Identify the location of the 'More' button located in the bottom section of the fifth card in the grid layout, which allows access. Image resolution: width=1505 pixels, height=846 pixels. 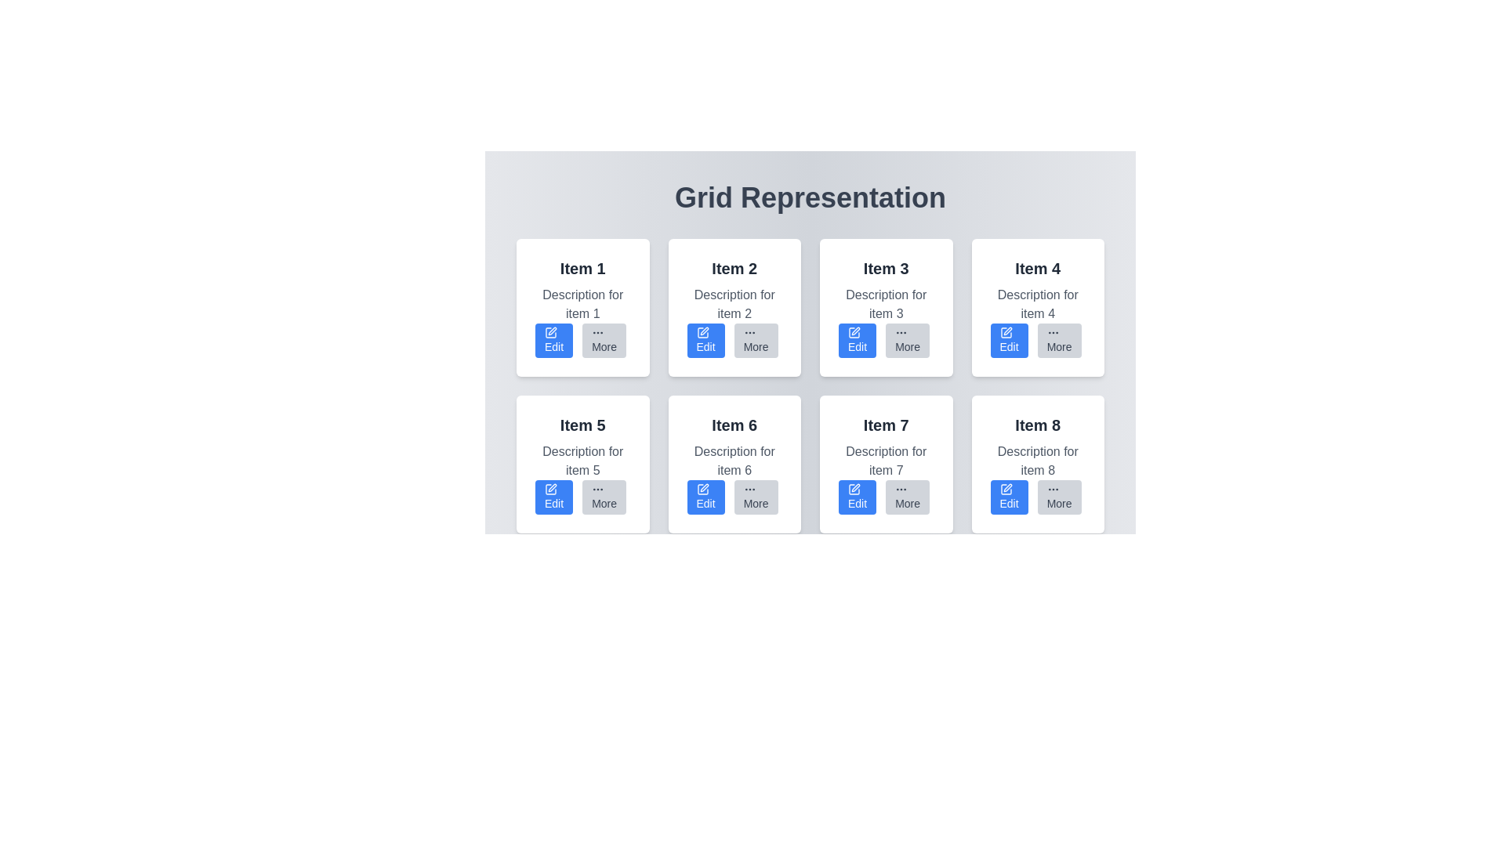
(582, 497).